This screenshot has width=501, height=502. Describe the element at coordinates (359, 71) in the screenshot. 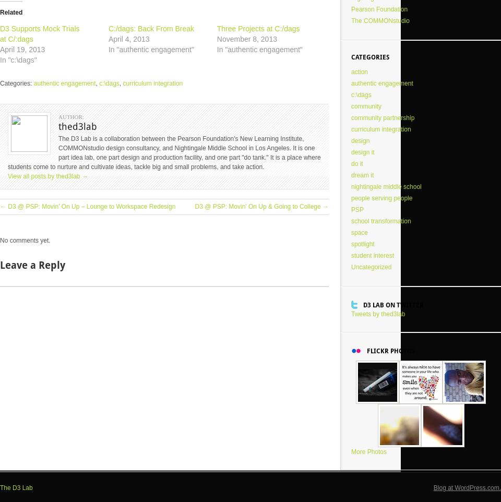

I see `'action'` at that location.